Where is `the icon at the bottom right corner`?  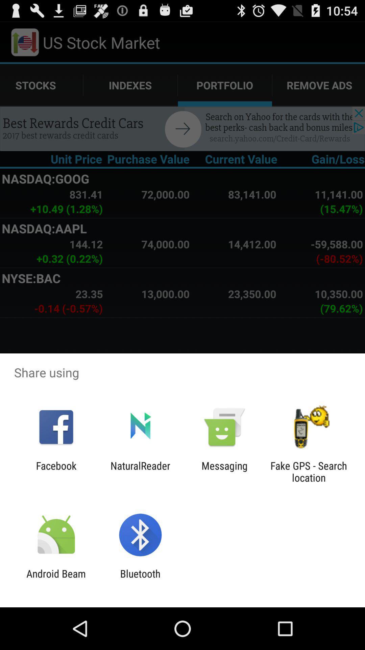 the icon at the bottom right corner is located at coordinates (309, 471).